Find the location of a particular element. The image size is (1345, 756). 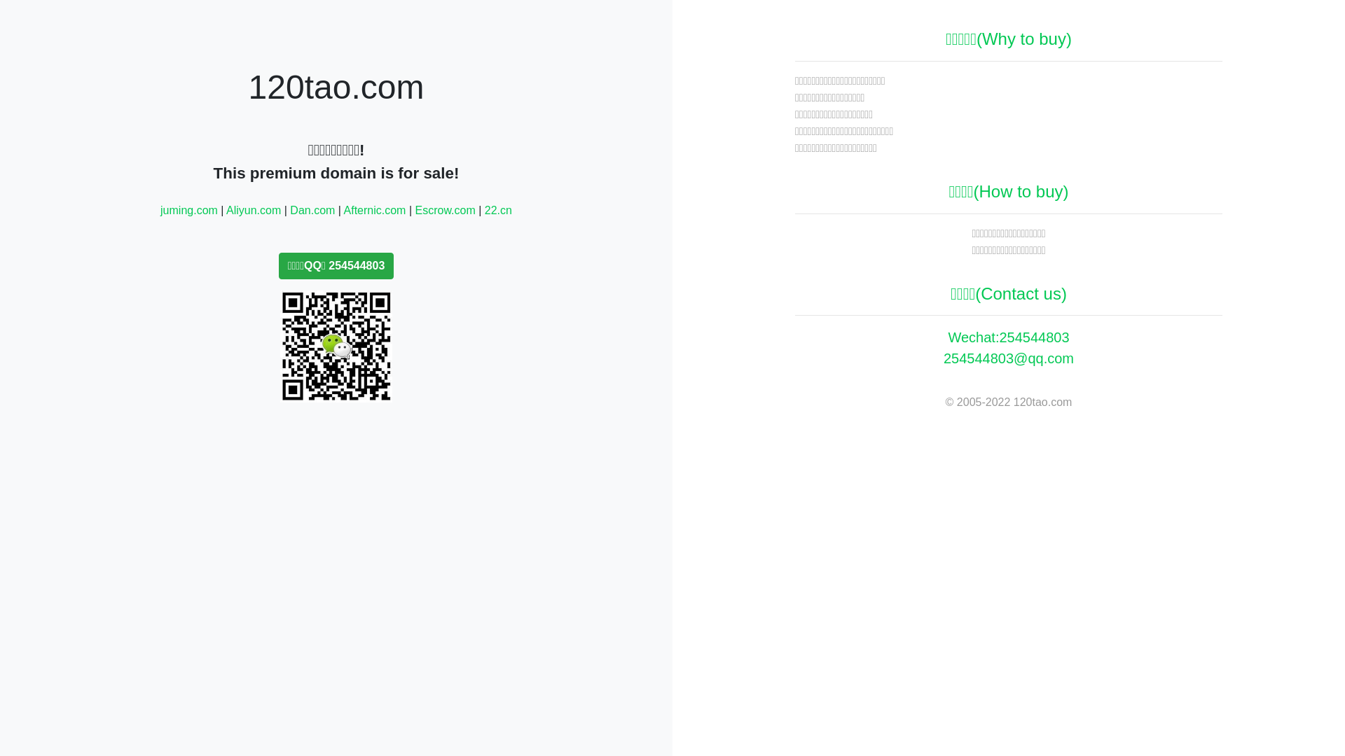

'juming.com' is located at coordinates (188, 210).